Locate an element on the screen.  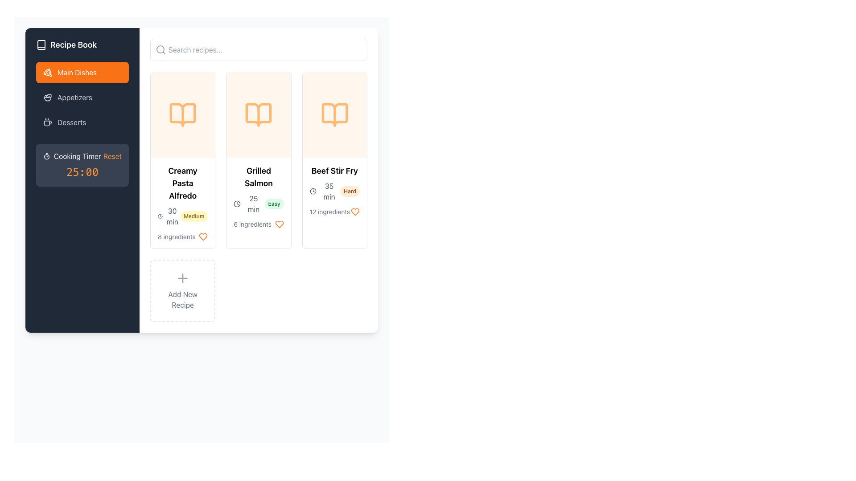
the small book icon located beside the text 'Recipe Book' in the left navigation panel is located at coordinates (41, 45).